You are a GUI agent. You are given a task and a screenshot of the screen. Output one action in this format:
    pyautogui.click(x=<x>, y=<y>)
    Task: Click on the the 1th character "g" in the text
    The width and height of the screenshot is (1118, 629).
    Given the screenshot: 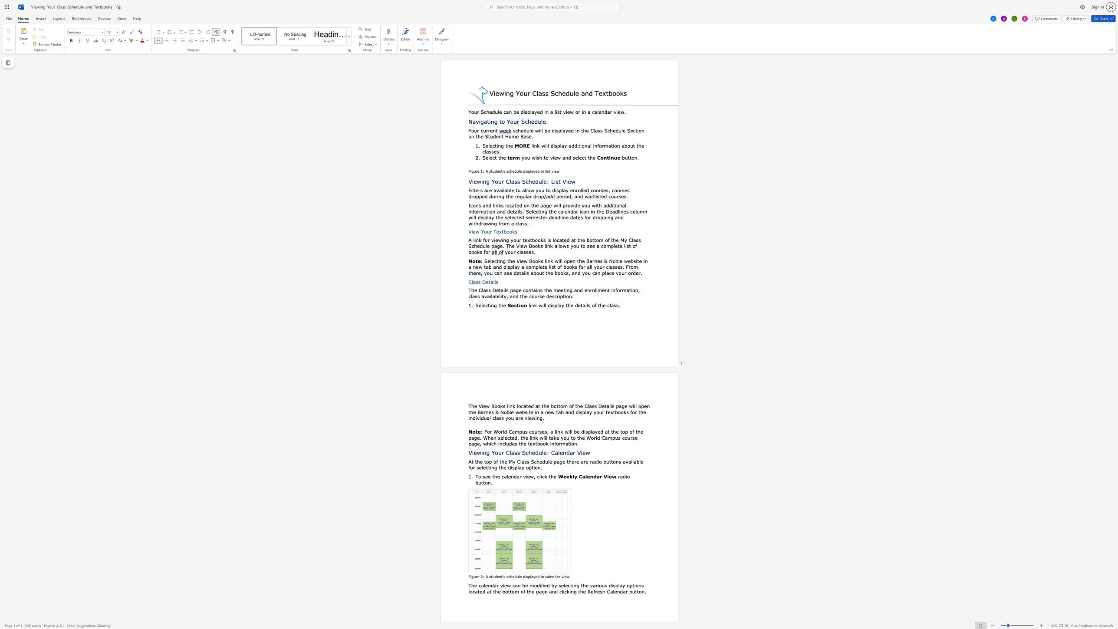 What is the action you would take?
    pyautogui.click(x=495, y=305)
    